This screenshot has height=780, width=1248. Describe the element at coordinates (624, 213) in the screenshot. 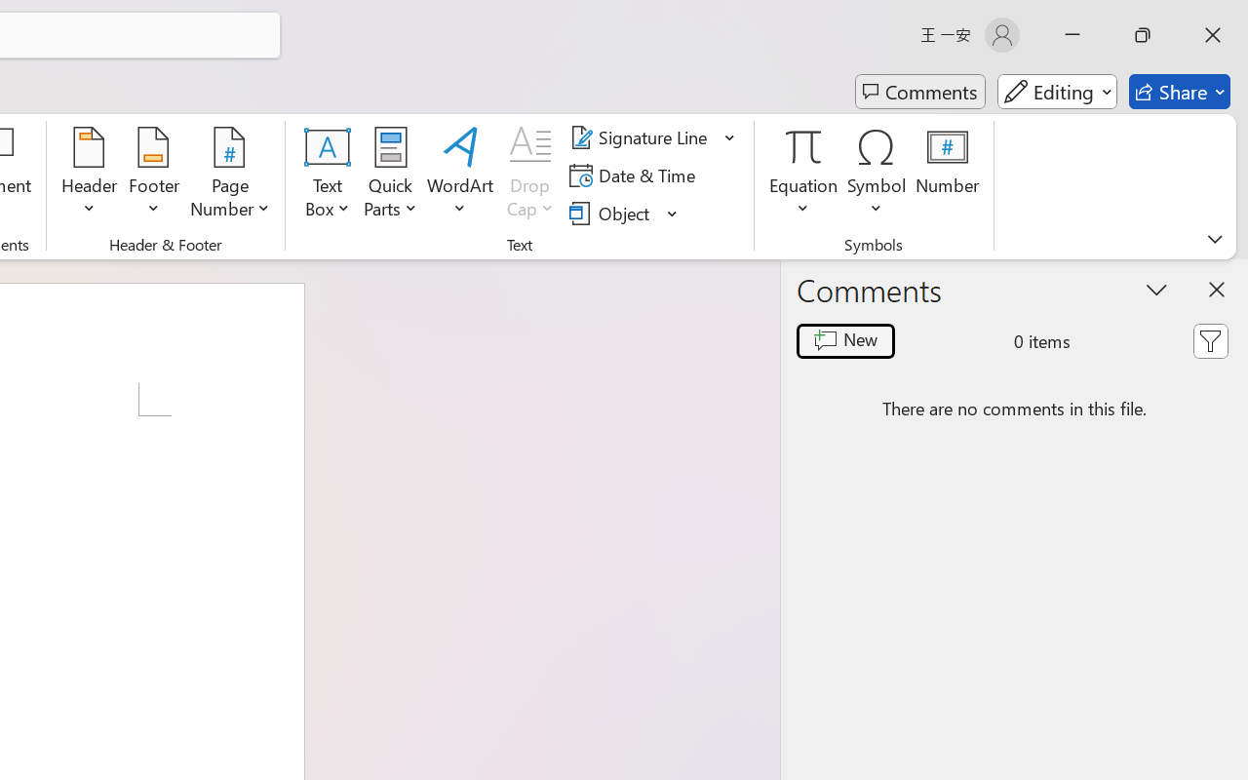

I see `'Object...'` at that location.